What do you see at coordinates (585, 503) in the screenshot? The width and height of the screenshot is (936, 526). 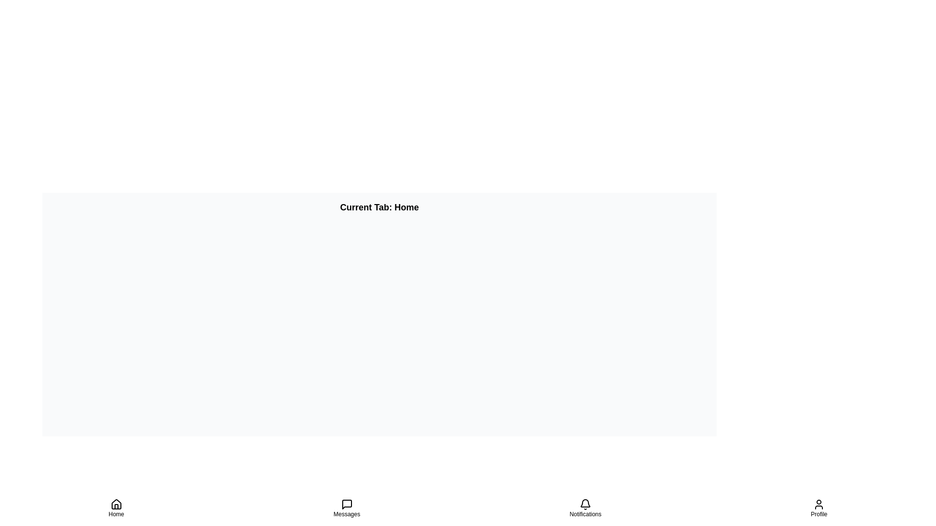 I see `the curved geometric shape resembling a bell within the notification icon located in the bottom navigation bar` at bounding box center [585, 503].